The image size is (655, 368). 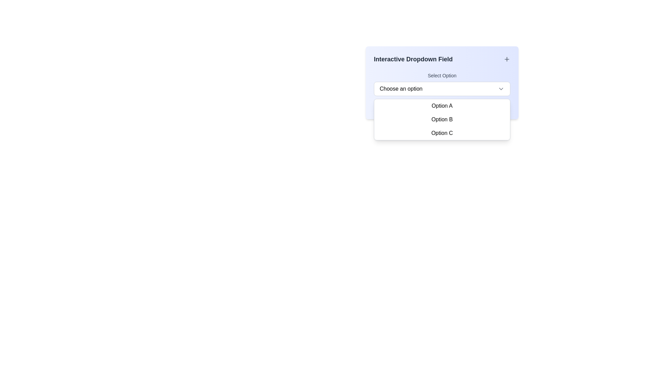 I want to click on the option in the dropdown menu located below the label 'Select Option' in the 'Interactive Dropdown Field', so click(x=442, y=123).